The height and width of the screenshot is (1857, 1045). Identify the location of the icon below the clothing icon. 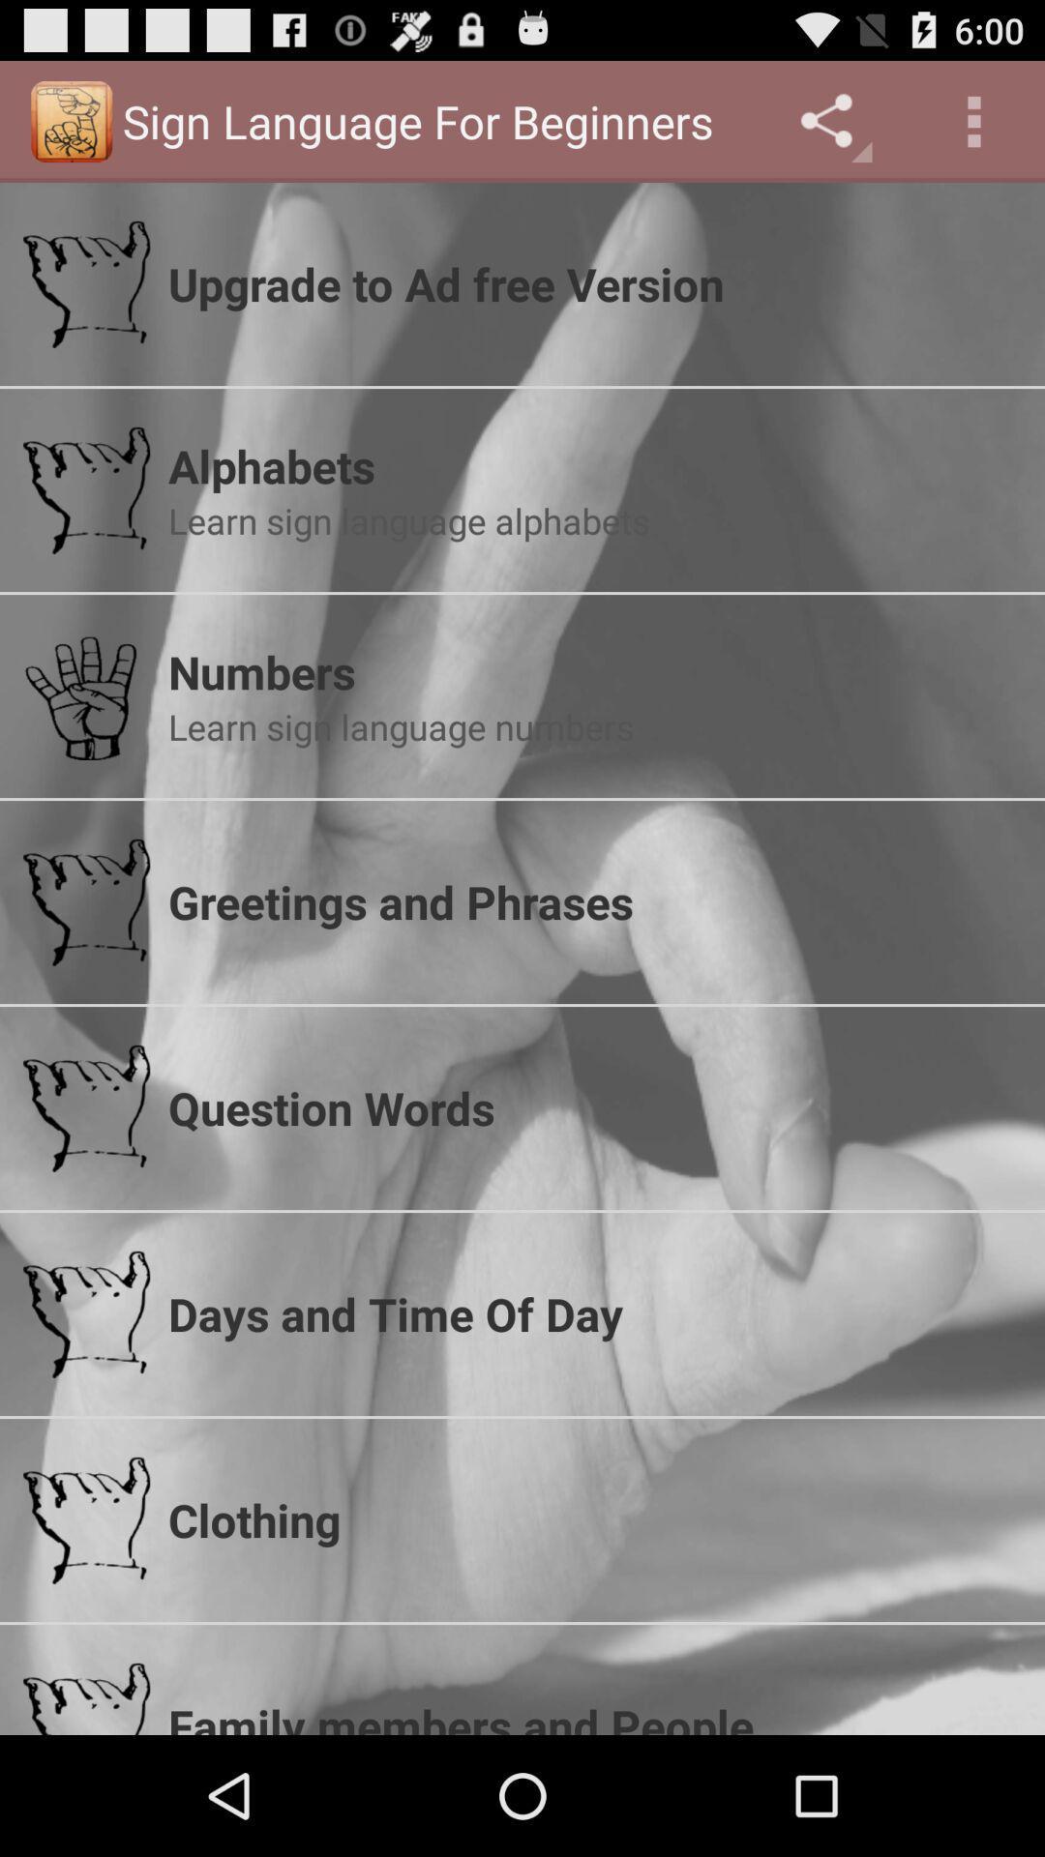
(593, 1715).